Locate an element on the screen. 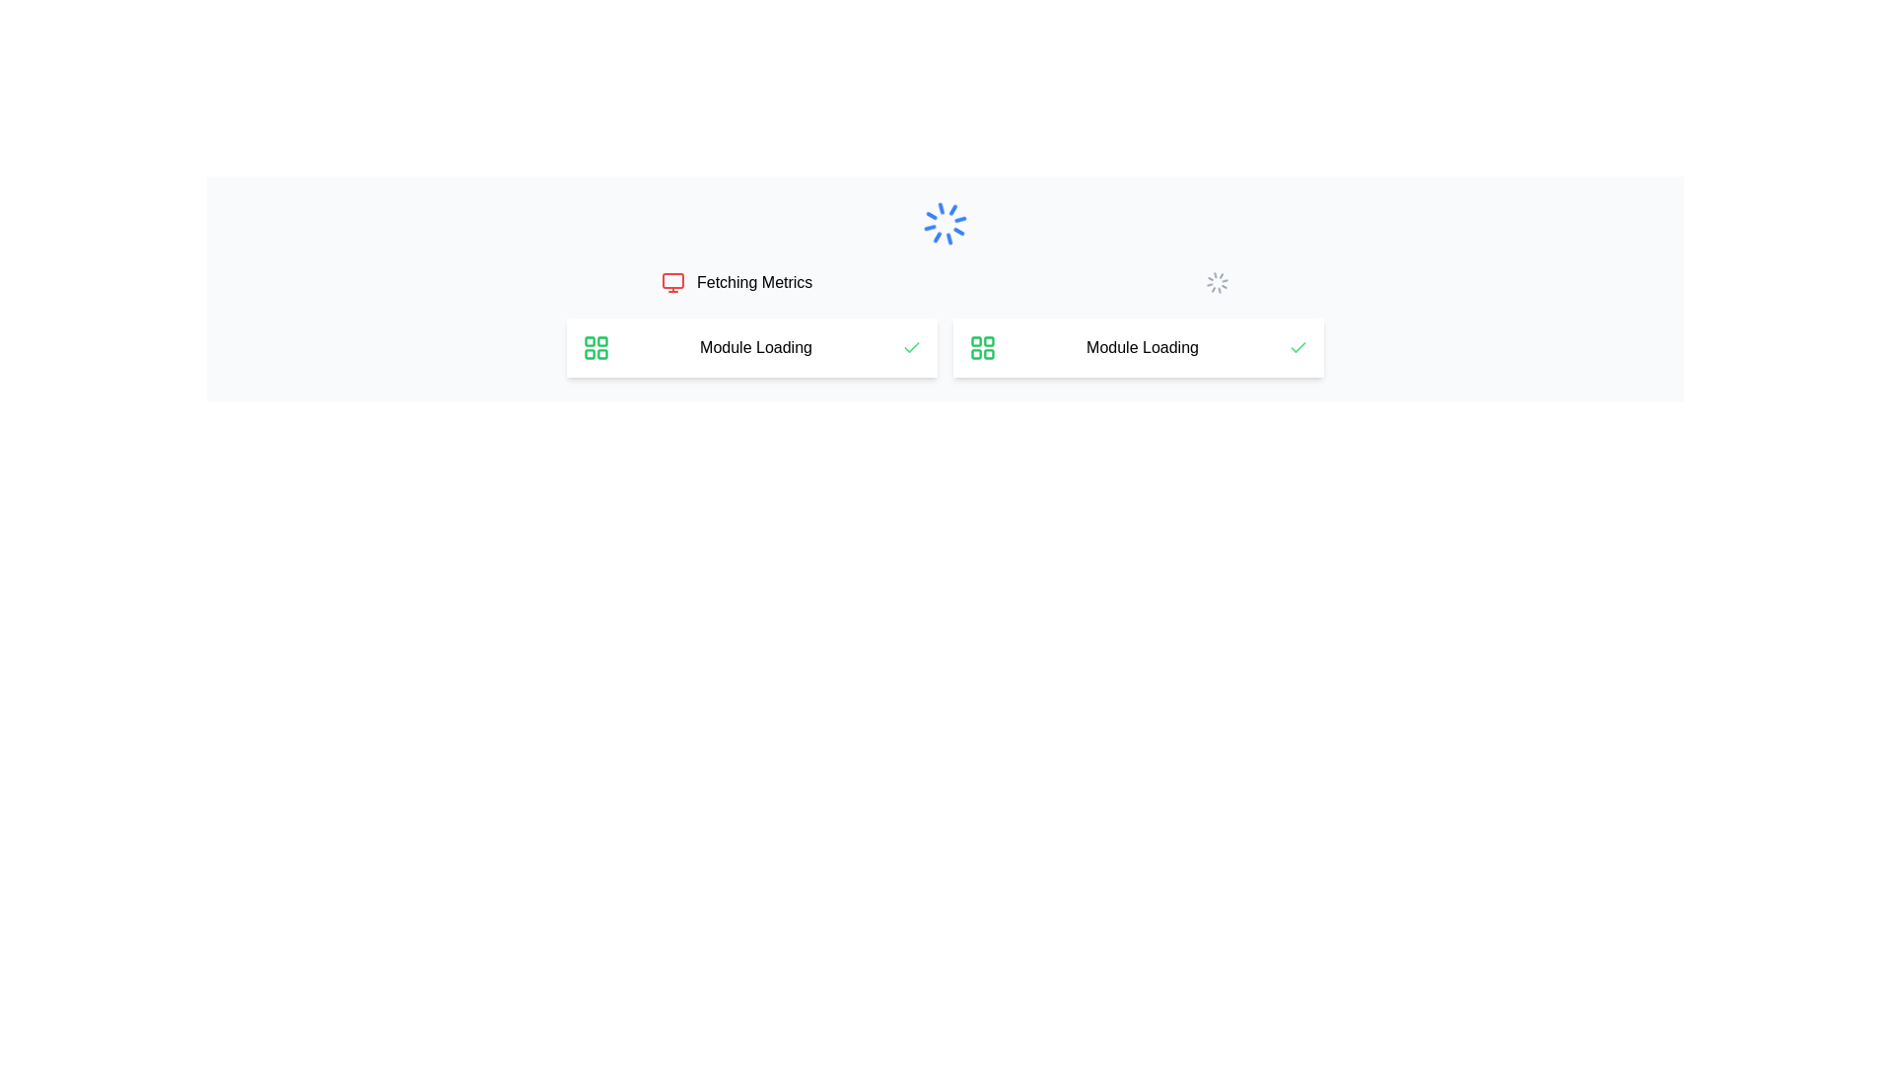 The image size is (1893, 1065). the validation icon located to the far right of the 'Module Loading' panel, which indicates successful completion of the loading activity is located at coordinates (1297, 347).